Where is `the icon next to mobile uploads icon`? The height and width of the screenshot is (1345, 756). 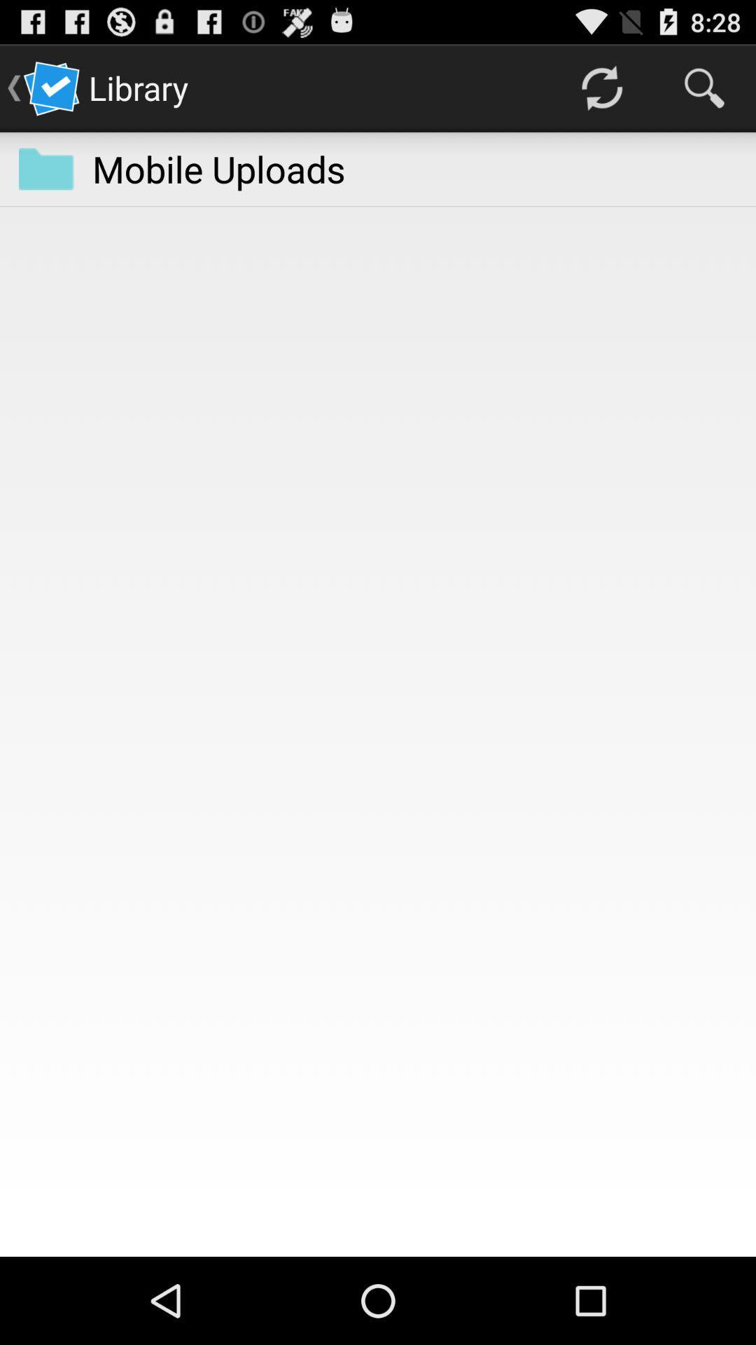
the icon next to mobile uploads icon is located at coordinates (601, 87).